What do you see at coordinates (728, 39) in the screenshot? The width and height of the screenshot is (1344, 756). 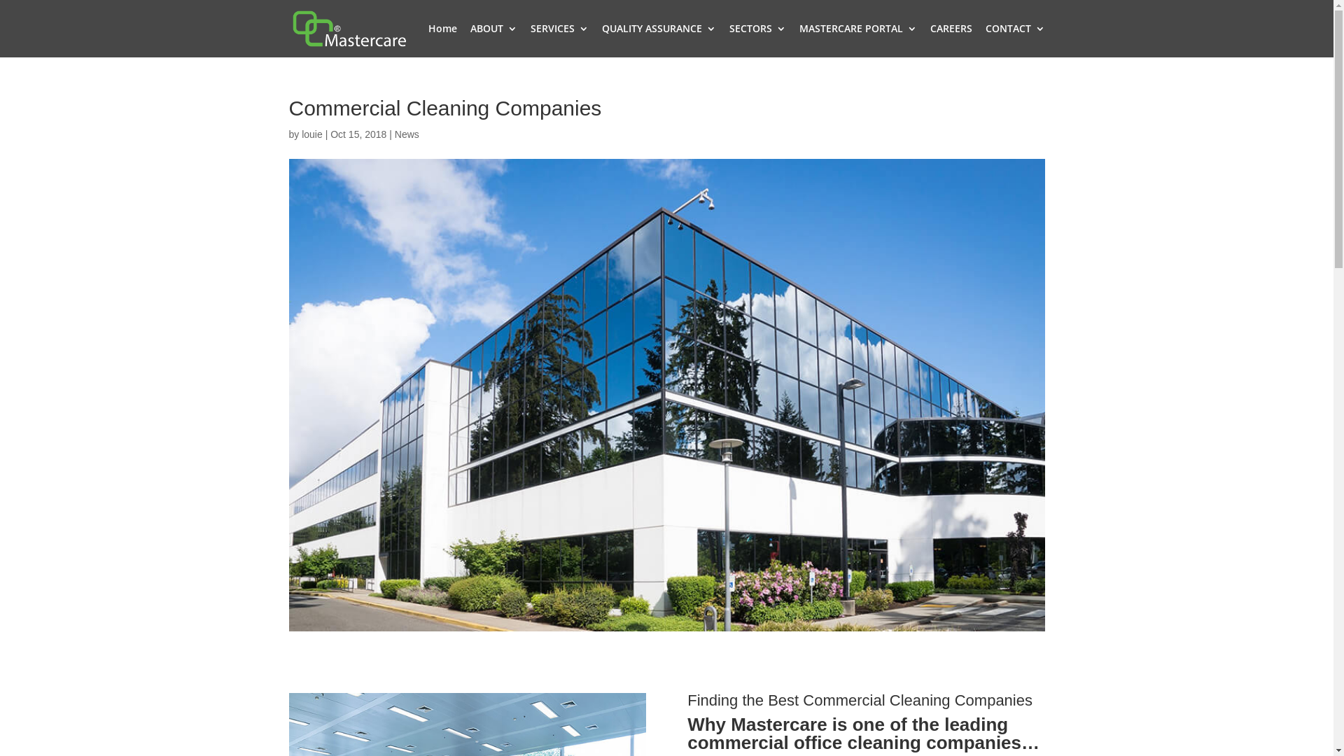 I see `'SECTORS'` at bounding box center [728, 39].